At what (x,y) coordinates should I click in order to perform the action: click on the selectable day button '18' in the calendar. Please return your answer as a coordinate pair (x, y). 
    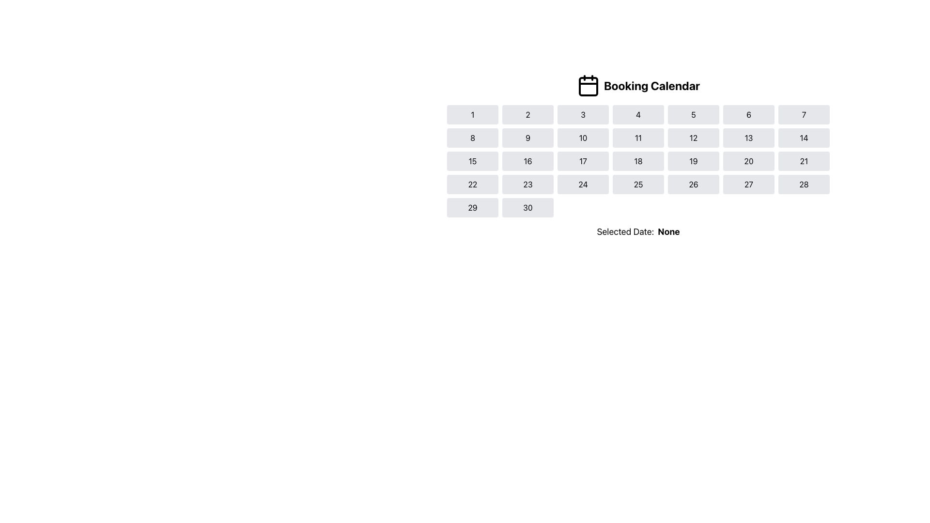
    Looking at the image, I should click on (638, 160).